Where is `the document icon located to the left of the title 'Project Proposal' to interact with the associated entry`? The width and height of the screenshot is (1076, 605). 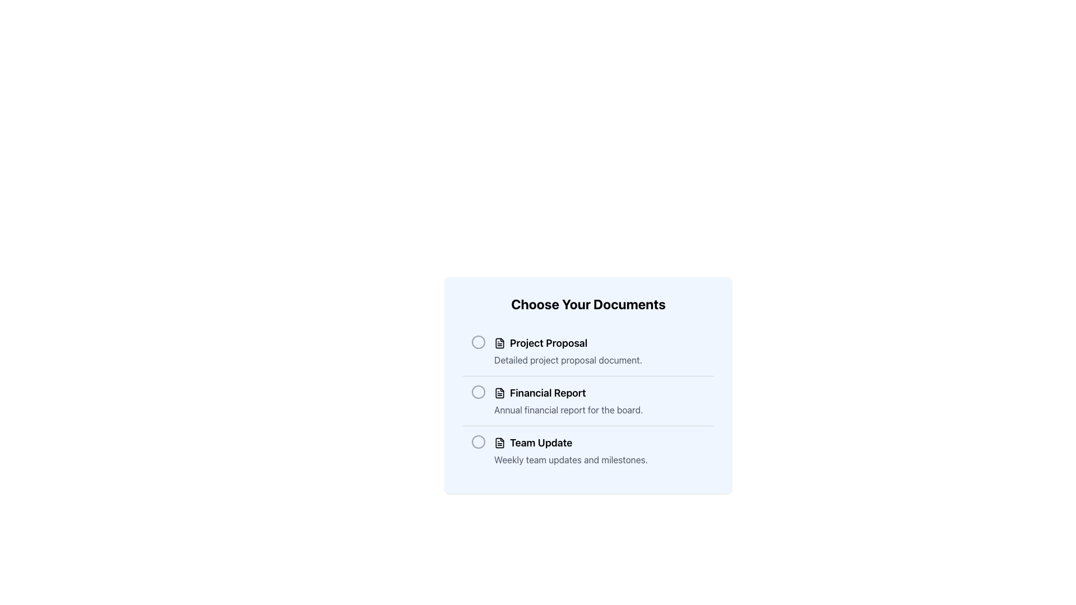 the document icon located to the left of the title 'Project Proposal' to interact with the associated entry is located at coordinates (499, 343).